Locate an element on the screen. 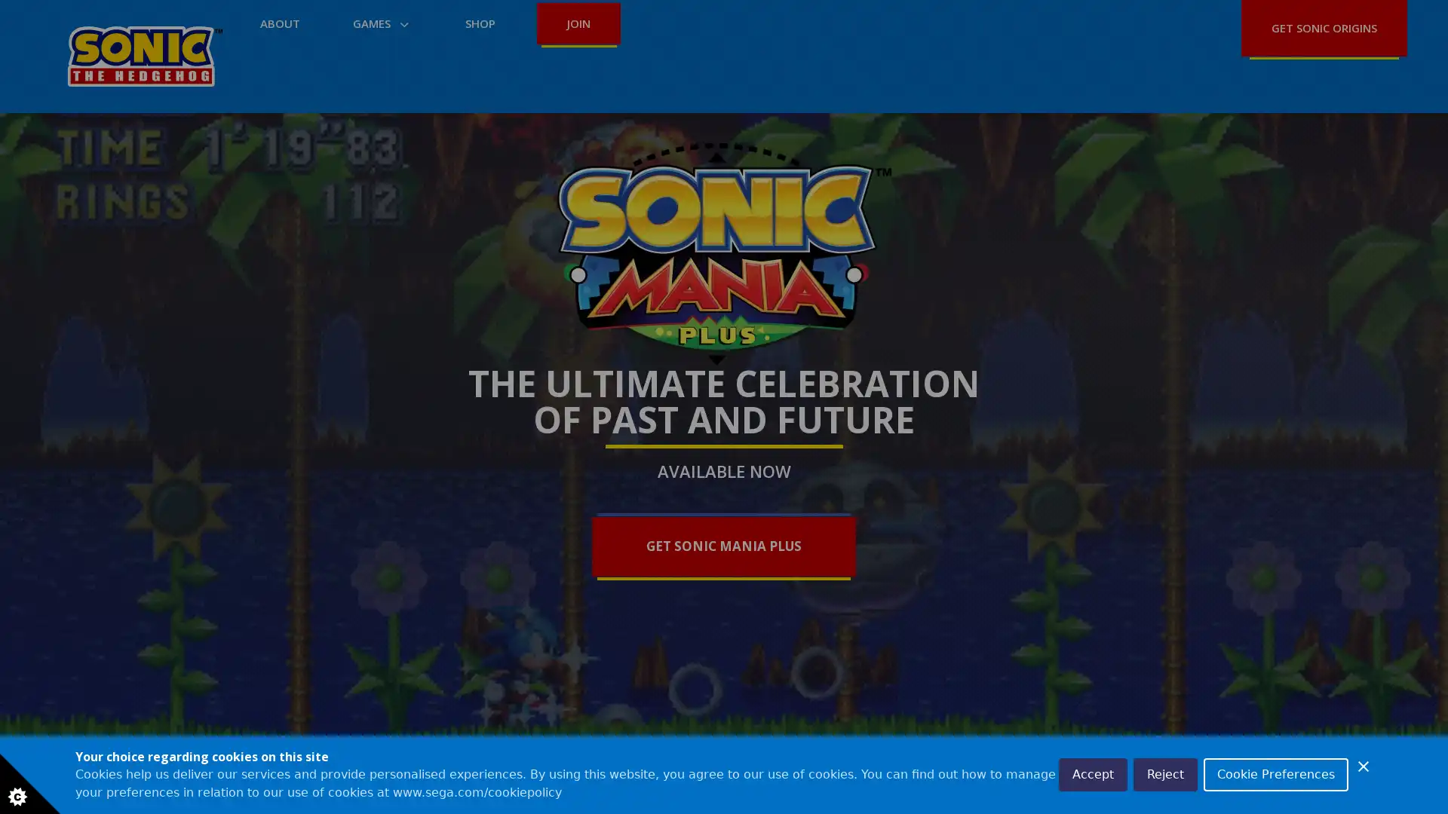 This screenshot has width=1448, height=814. Reject is located at coordinates (1164, 775).